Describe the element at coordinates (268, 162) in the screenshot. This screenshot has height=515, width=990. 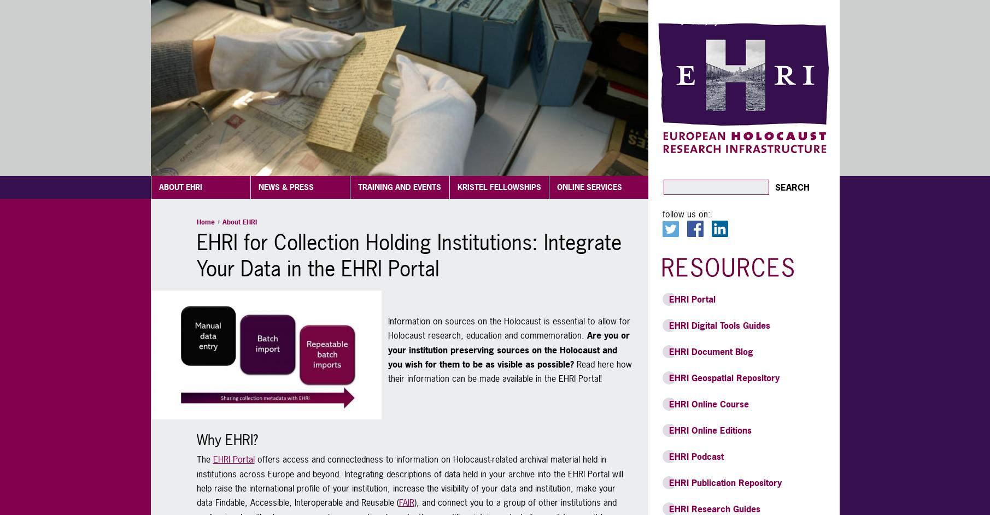
I see `'Press'` at that location.